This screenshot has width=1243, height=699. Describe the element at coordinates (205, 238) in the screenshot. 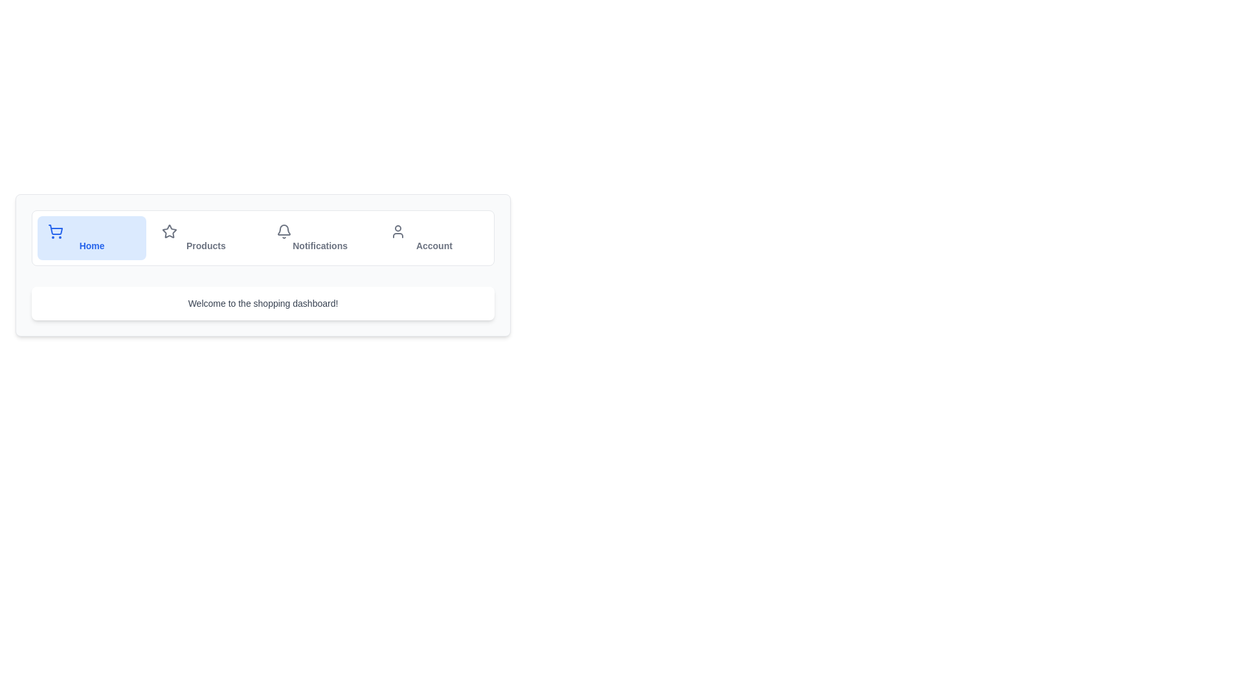

I see `the navigational button located between the 'Home' button and the 'Notifications' button` at that location.